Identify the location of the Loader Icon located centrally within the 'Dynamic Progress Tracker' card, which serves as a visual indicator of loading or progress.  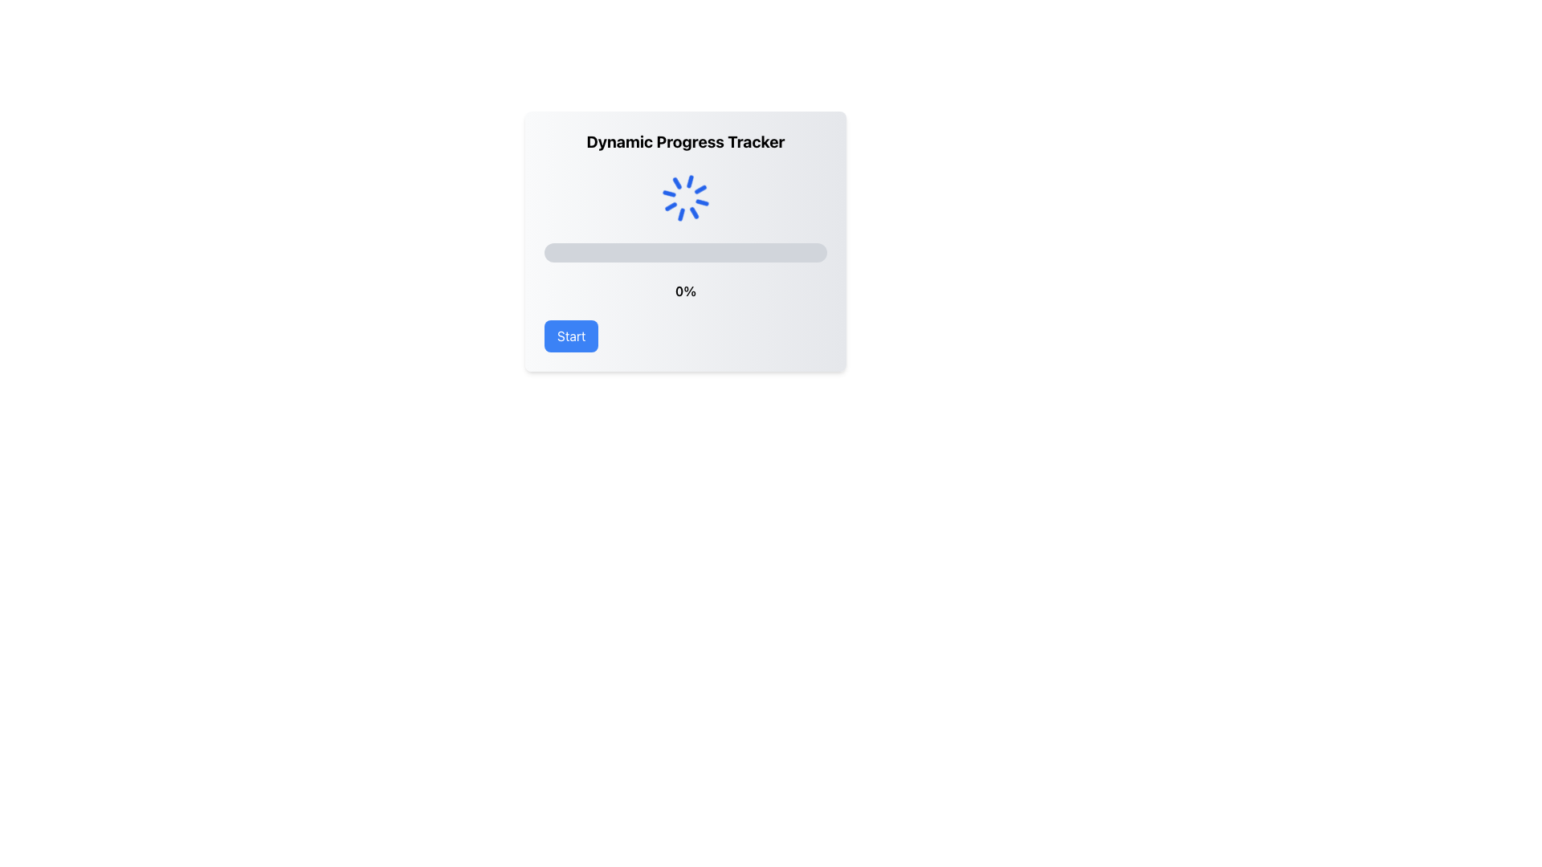
(686, 197).